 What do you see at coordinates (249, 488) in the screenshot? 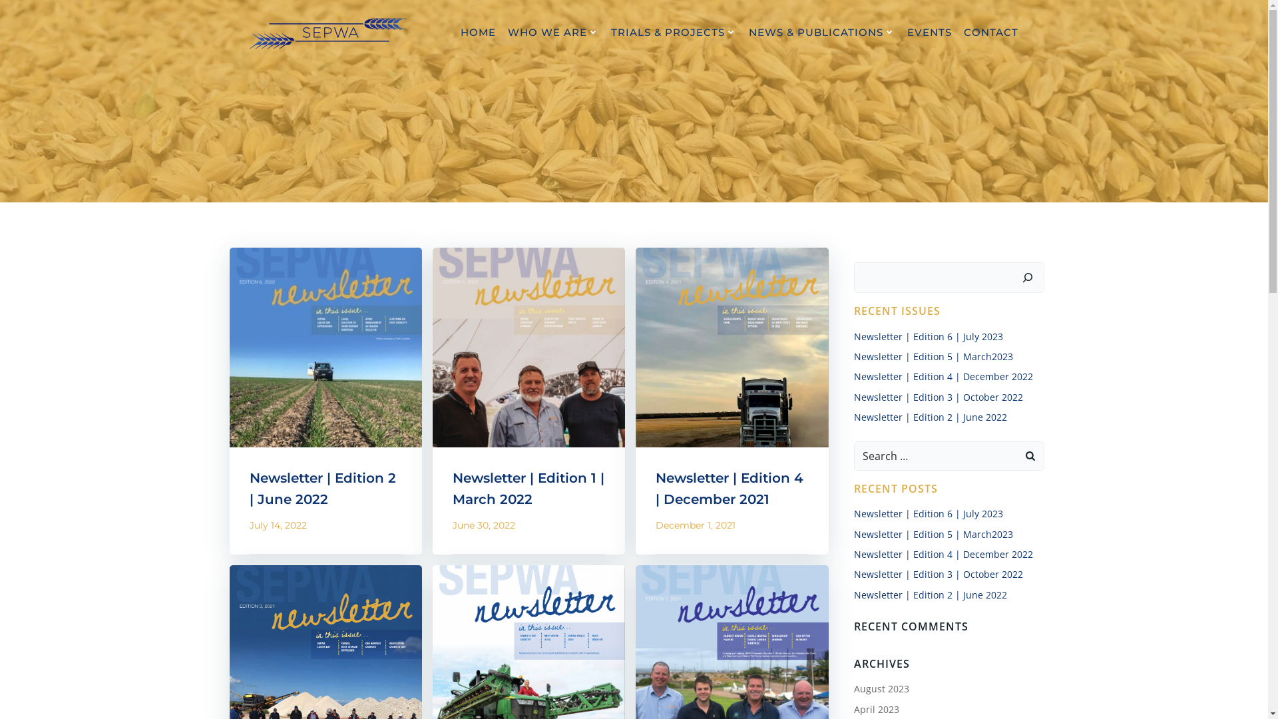
I see `'Newsletter | Edition 2 | June 2022'` at bounding box center [249, 488].